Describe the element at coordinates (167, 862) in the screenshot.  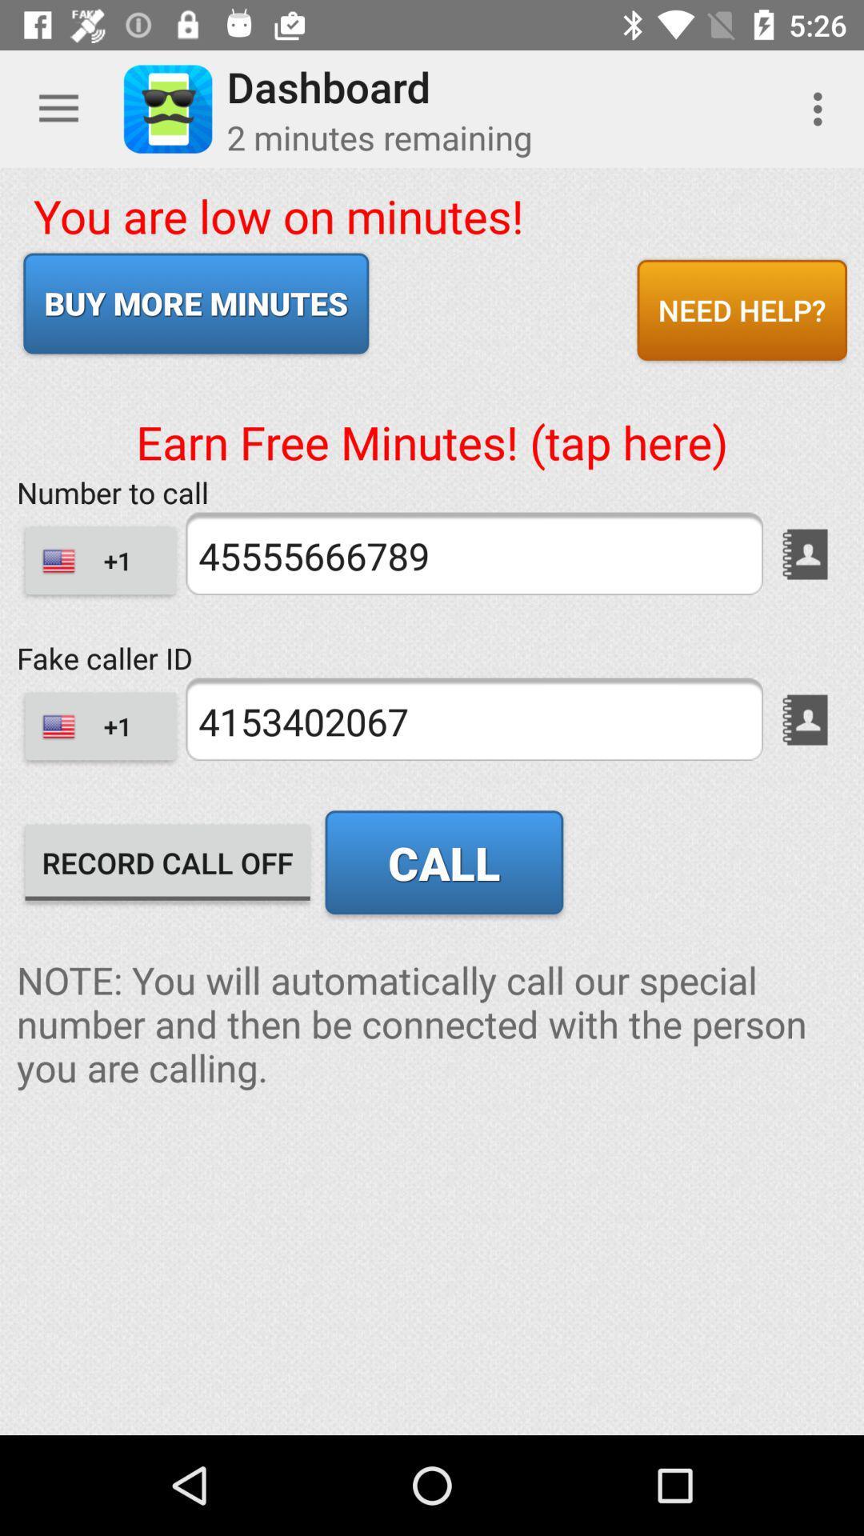
I see `record call off icon` at that location.